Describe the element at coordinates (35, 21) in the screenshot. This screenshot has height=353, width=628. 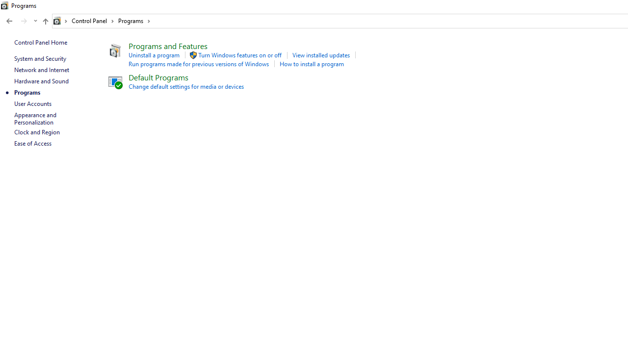
I see `'Recent locations'` at that location.